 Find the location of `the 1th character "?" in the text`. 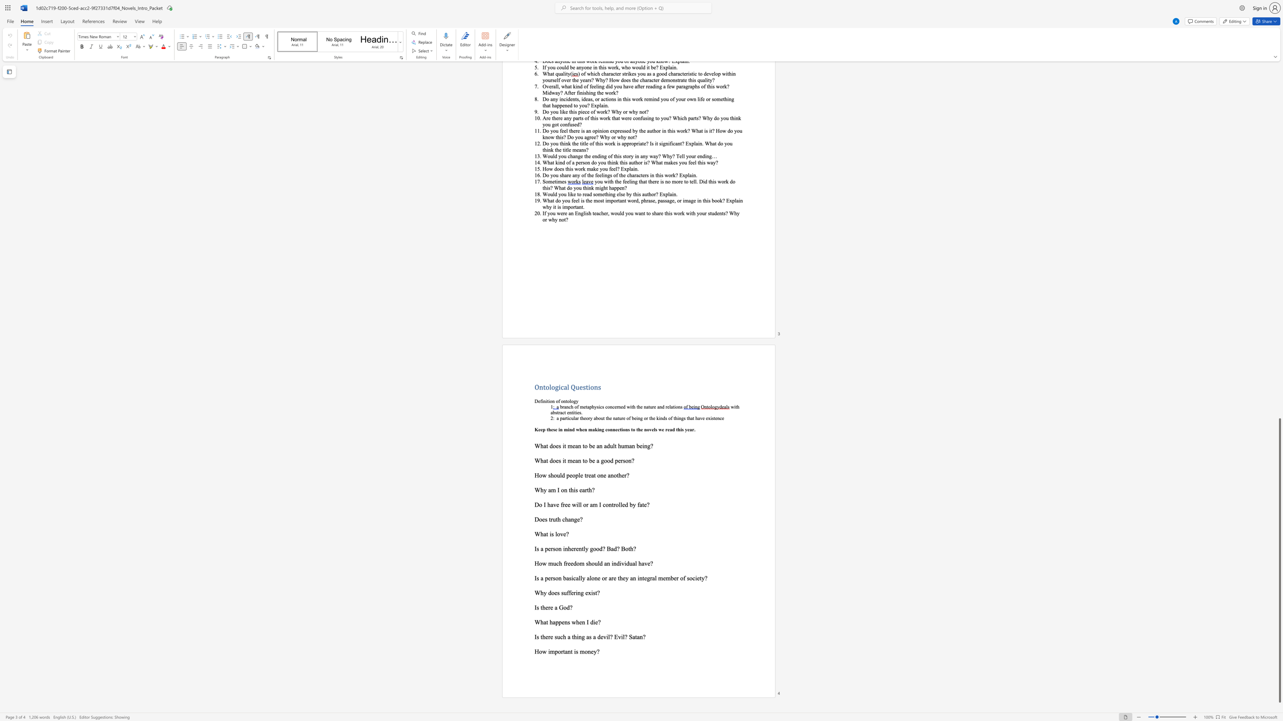

the 1th character "?" in the text is located at coordinates (567, 533).